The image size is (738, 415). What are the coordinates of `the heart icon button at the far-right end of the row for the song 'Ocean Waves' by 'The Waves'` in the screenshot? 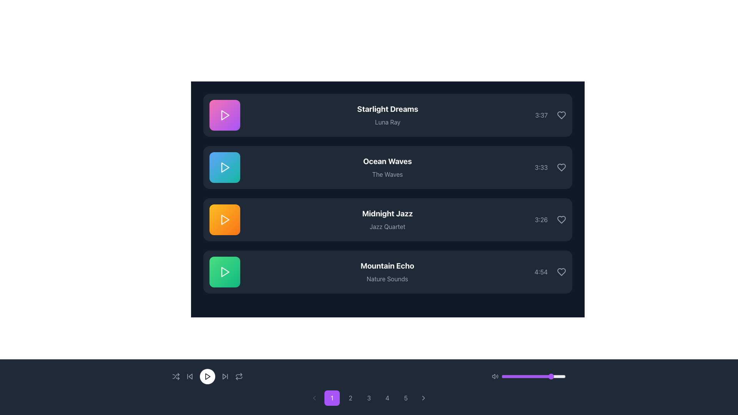 It's located at (561, 167).